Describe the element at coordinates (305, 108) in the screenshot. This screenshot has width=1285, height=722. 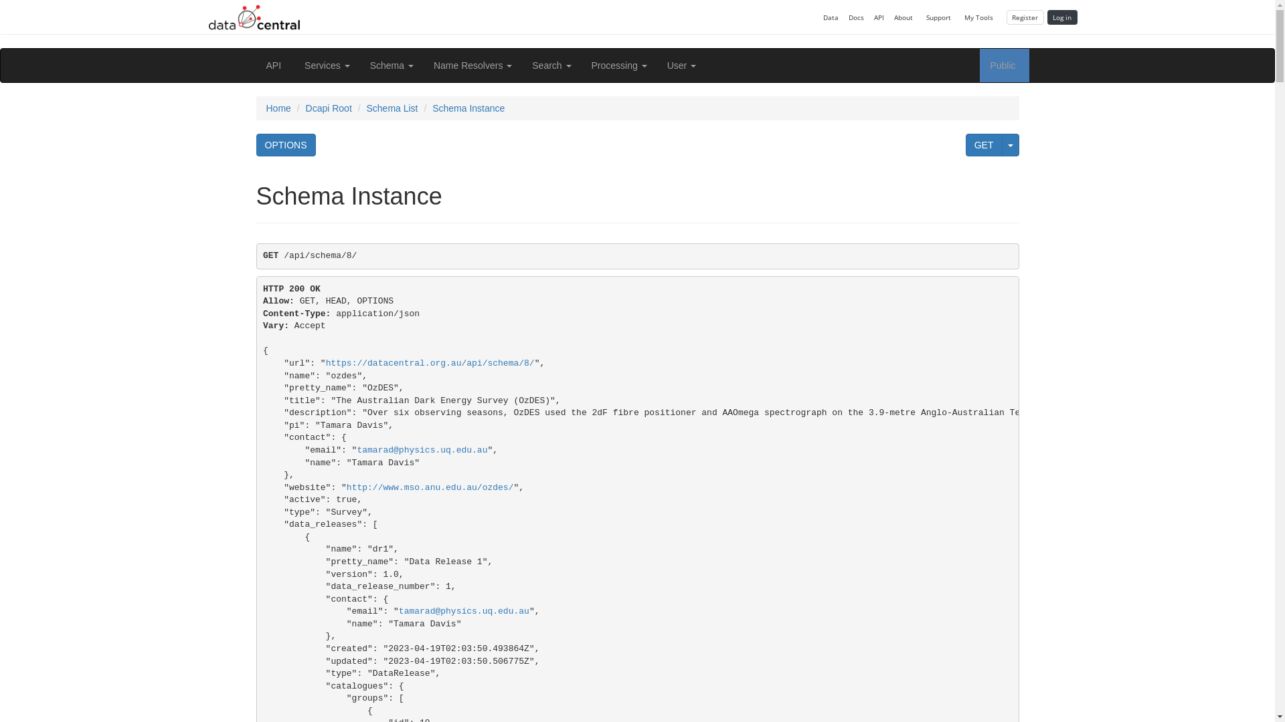
I see `'Dcapi Root'` at that location.